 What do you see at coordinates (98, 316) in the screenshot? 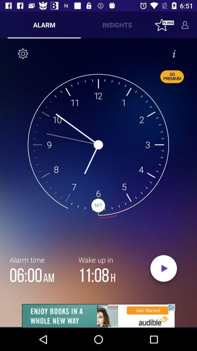
I see `its an advertisement` at bounding box center [98, 316].